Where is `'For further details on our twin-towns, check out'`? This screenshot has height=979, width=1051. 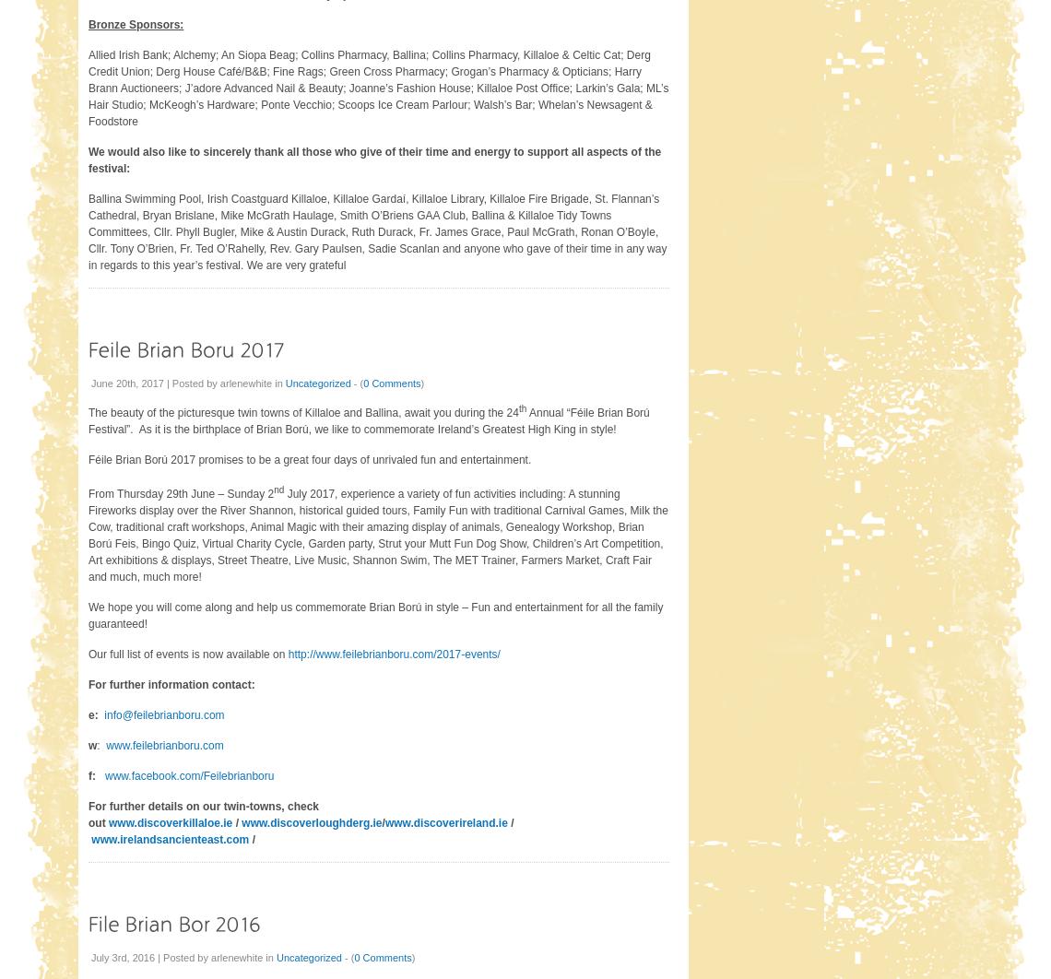 'For further details on our twin-towns, check out' is located at coordinates (203, 813).